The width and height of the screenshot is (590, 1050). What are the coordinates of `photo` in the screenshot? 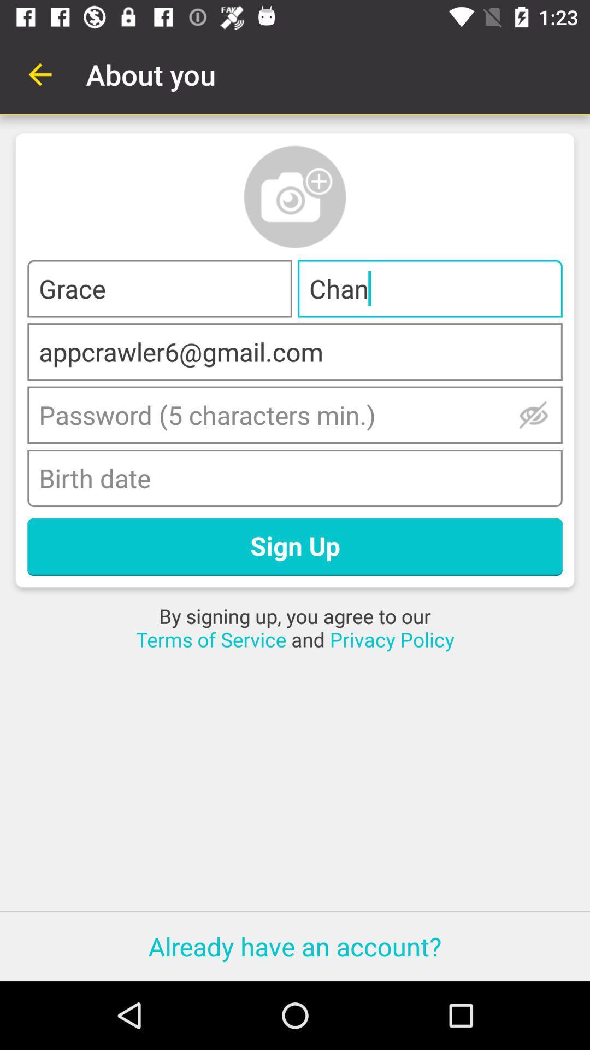 It's located at (295, 197).